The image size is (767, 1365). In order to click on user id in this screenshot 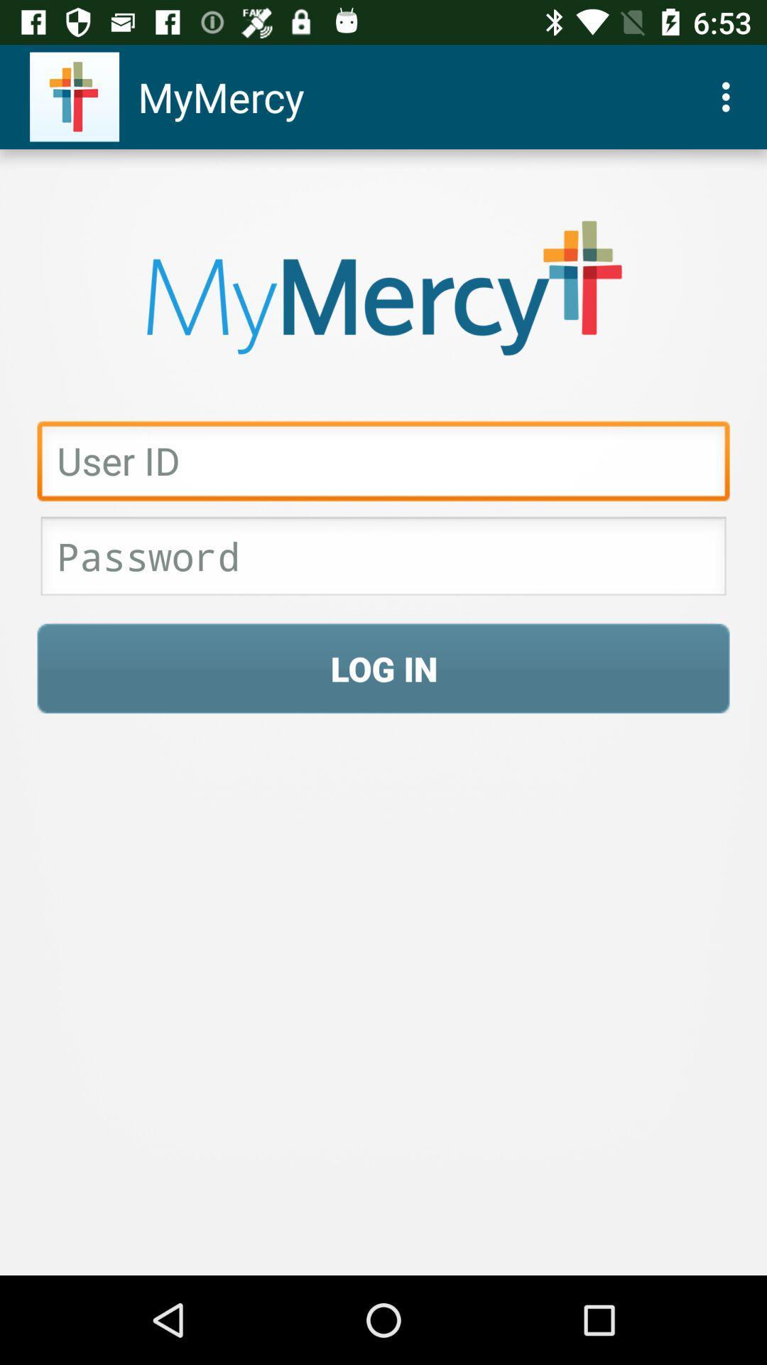, I will do `click(383, 464)`.